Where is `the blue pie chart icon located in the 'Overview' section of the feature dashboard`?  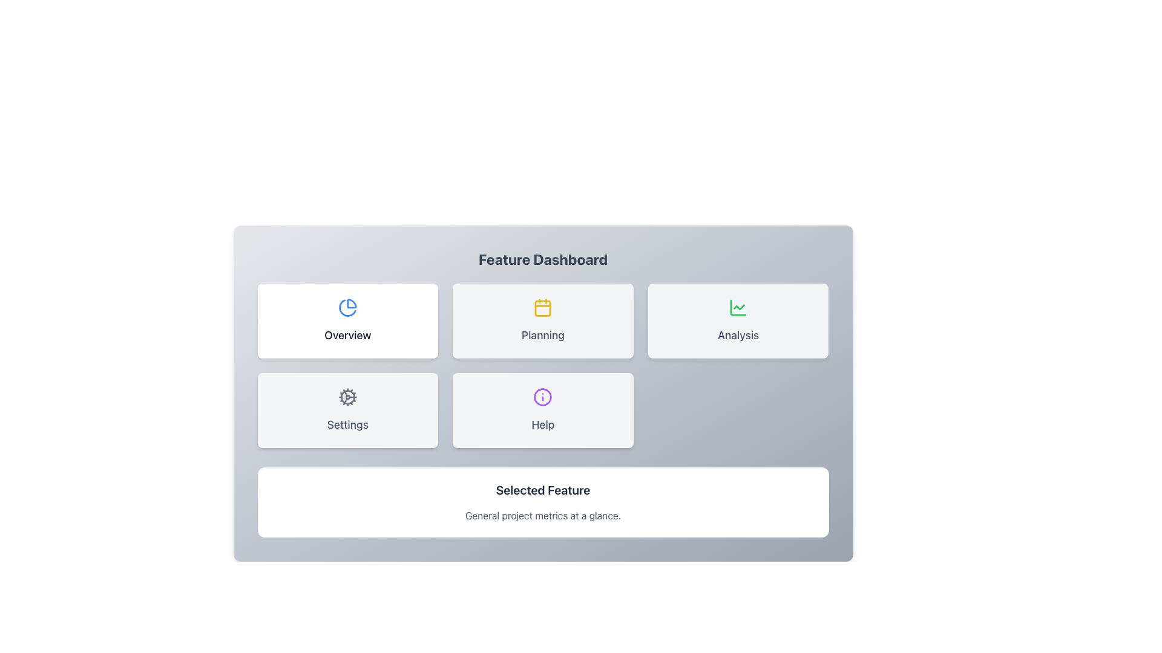
the blue pie chart icon located in the 'Overview' section of the feature dashboard is located at coordinates (347, 307).